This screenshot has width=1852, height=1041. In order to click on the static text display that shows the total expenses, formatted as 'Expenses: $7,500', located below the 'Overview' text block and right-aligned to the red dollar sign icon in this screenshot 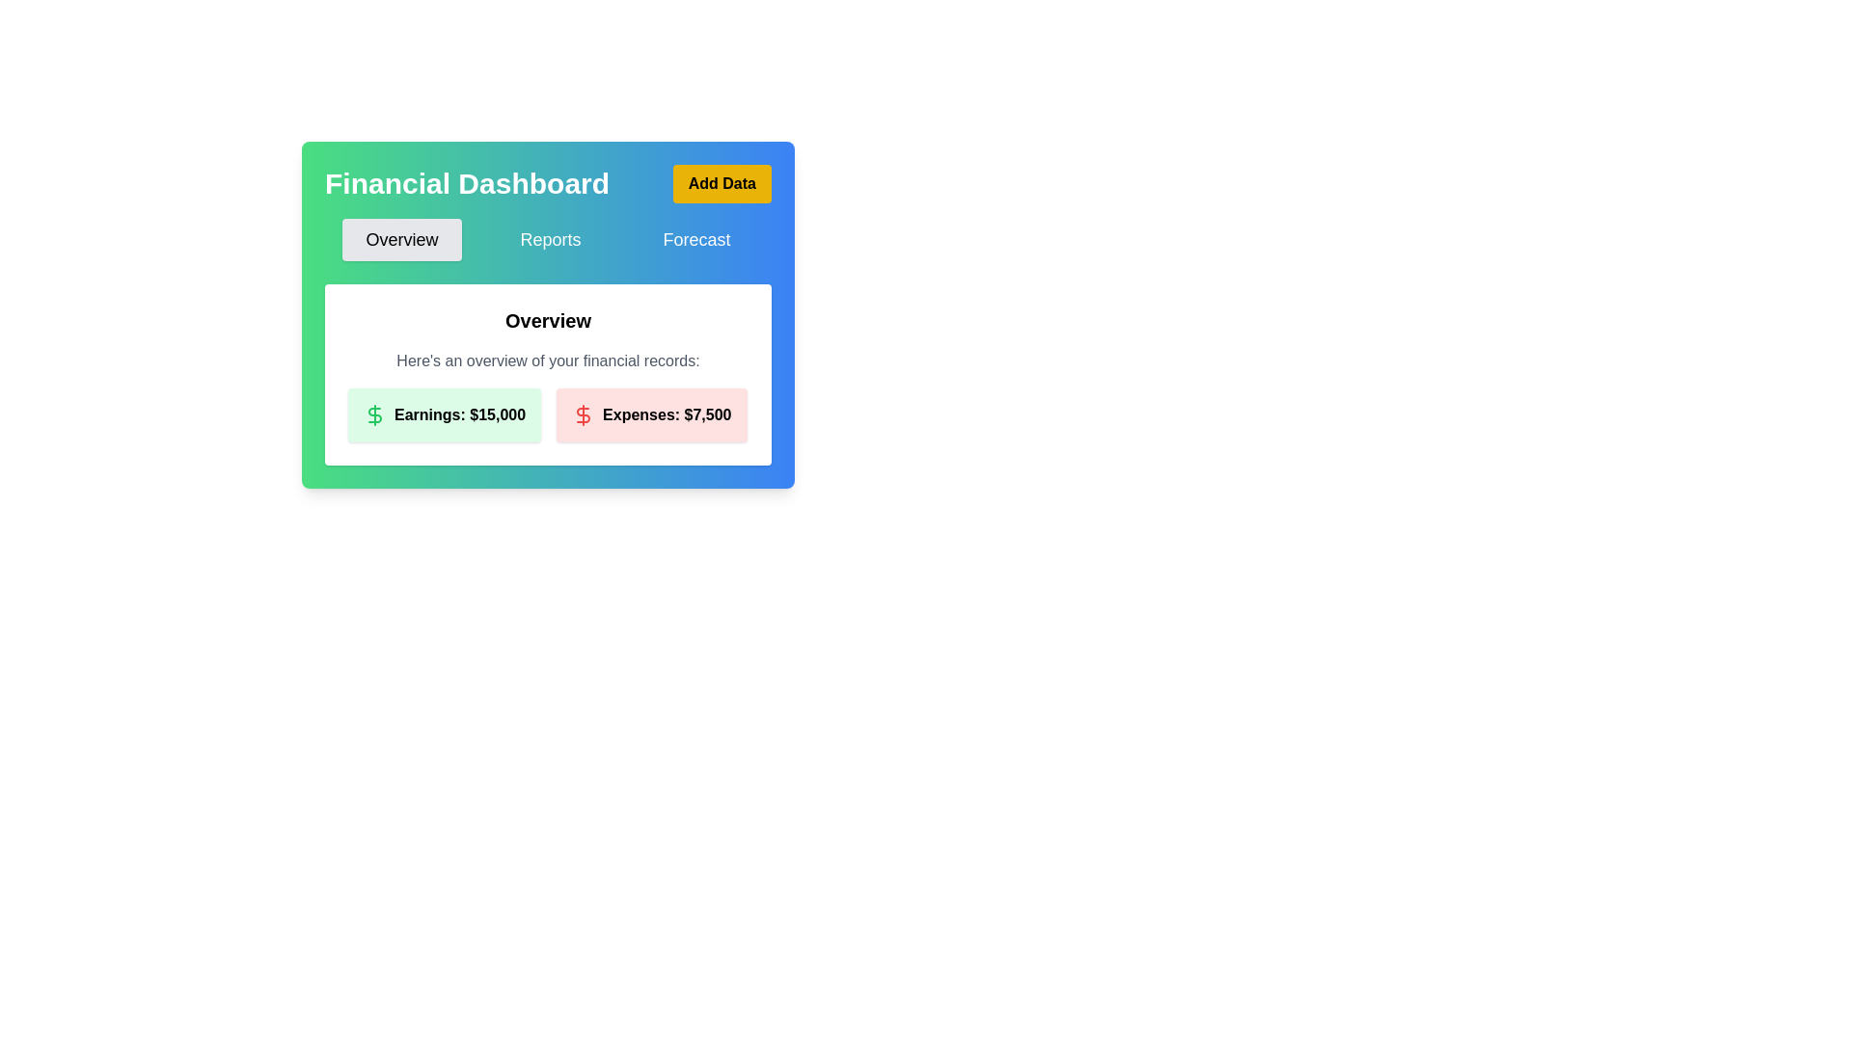, I will do `click(667, 414)`.